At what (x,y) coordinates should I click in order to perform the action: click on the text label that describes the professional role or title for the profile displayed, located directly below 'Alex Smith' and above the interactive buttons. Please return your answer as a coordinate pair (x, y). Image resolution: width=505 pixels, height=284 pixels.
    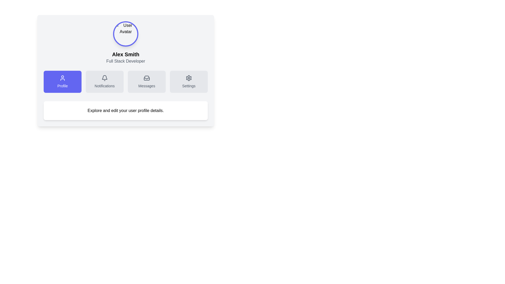
    Looking at the image, I should click on (125, 61).